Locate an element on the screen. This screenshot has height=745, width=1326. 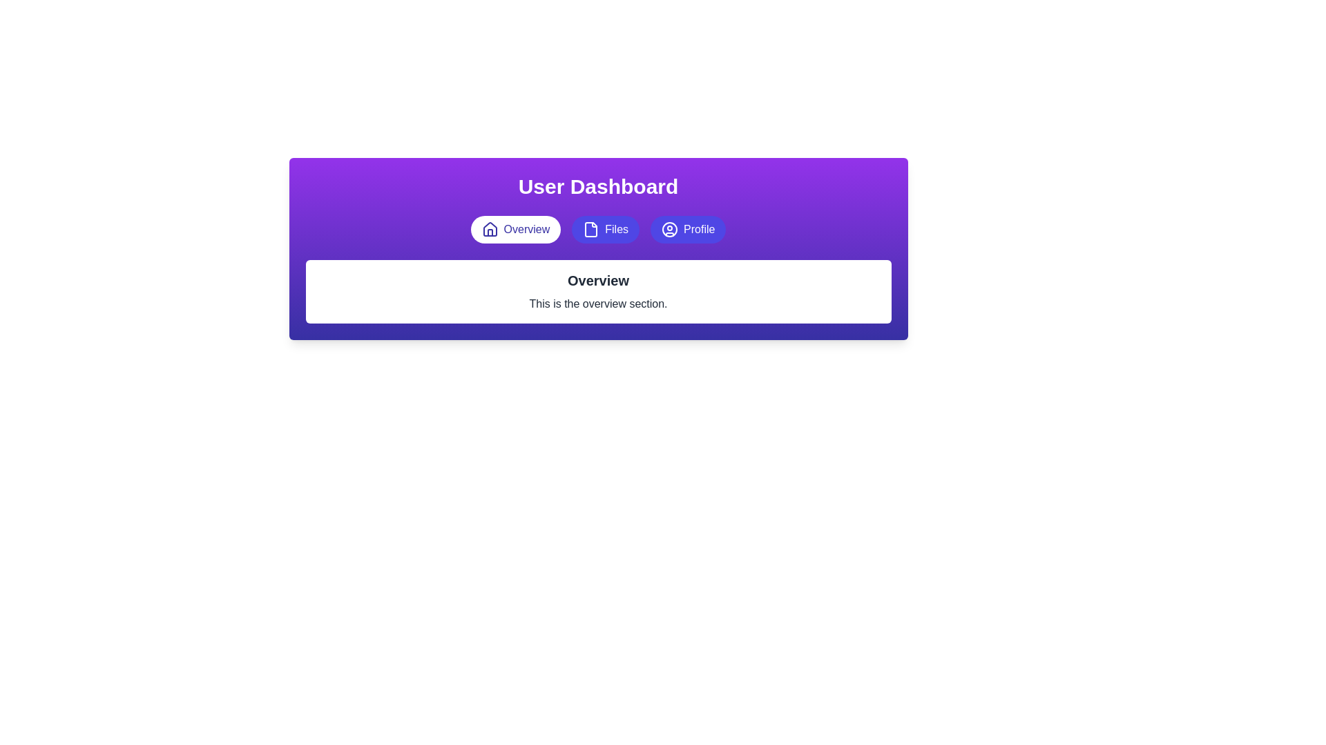
the 'Overview' button located in the navigation bar at the top of the interface, which is the first button in a row of three buttons is located at coordinates (515, 228).